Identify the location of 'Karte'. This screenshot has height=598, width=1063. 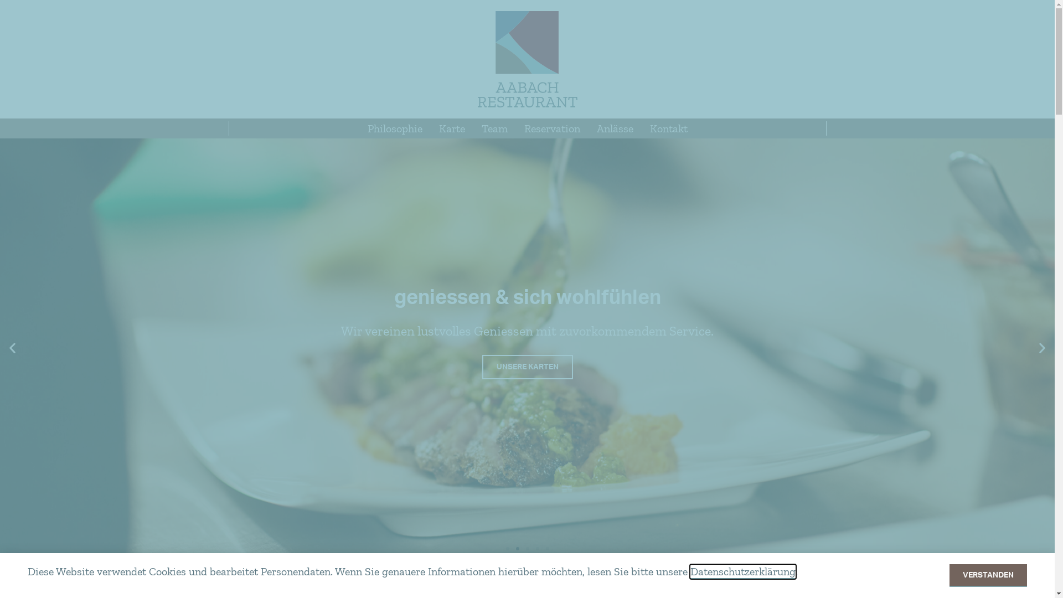
(452, 127).